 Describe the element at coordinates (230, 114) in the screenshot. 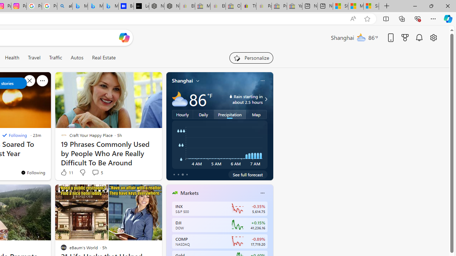

I see `'Precipitation'` at that location.